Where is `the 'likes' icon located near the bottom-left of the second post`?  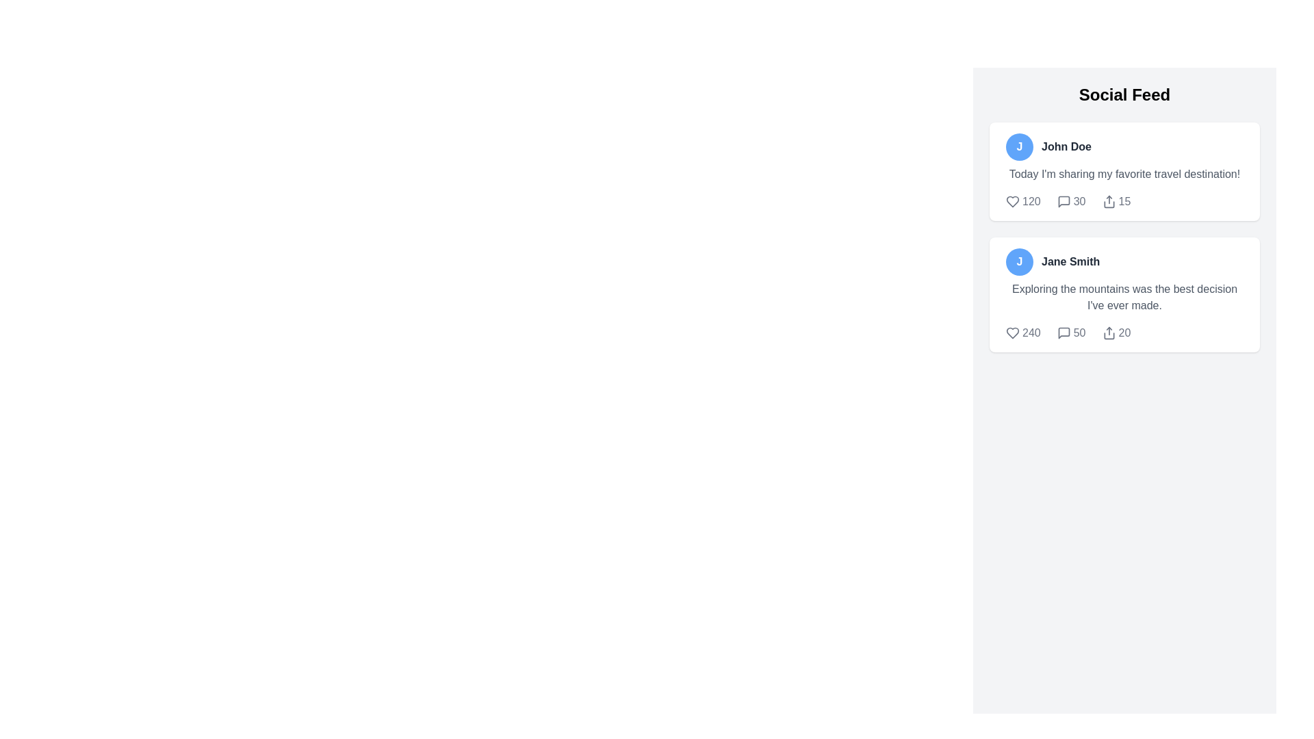
the 'likes' icon located near the bottom-left of the second post is located at coordinates (1023, 333).